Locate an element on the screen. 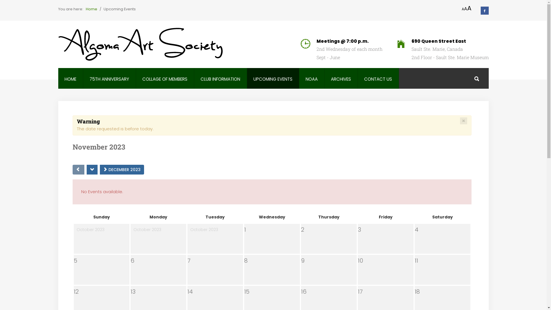  'CLUB INFORMATION' is located at coordinates (201, 79).